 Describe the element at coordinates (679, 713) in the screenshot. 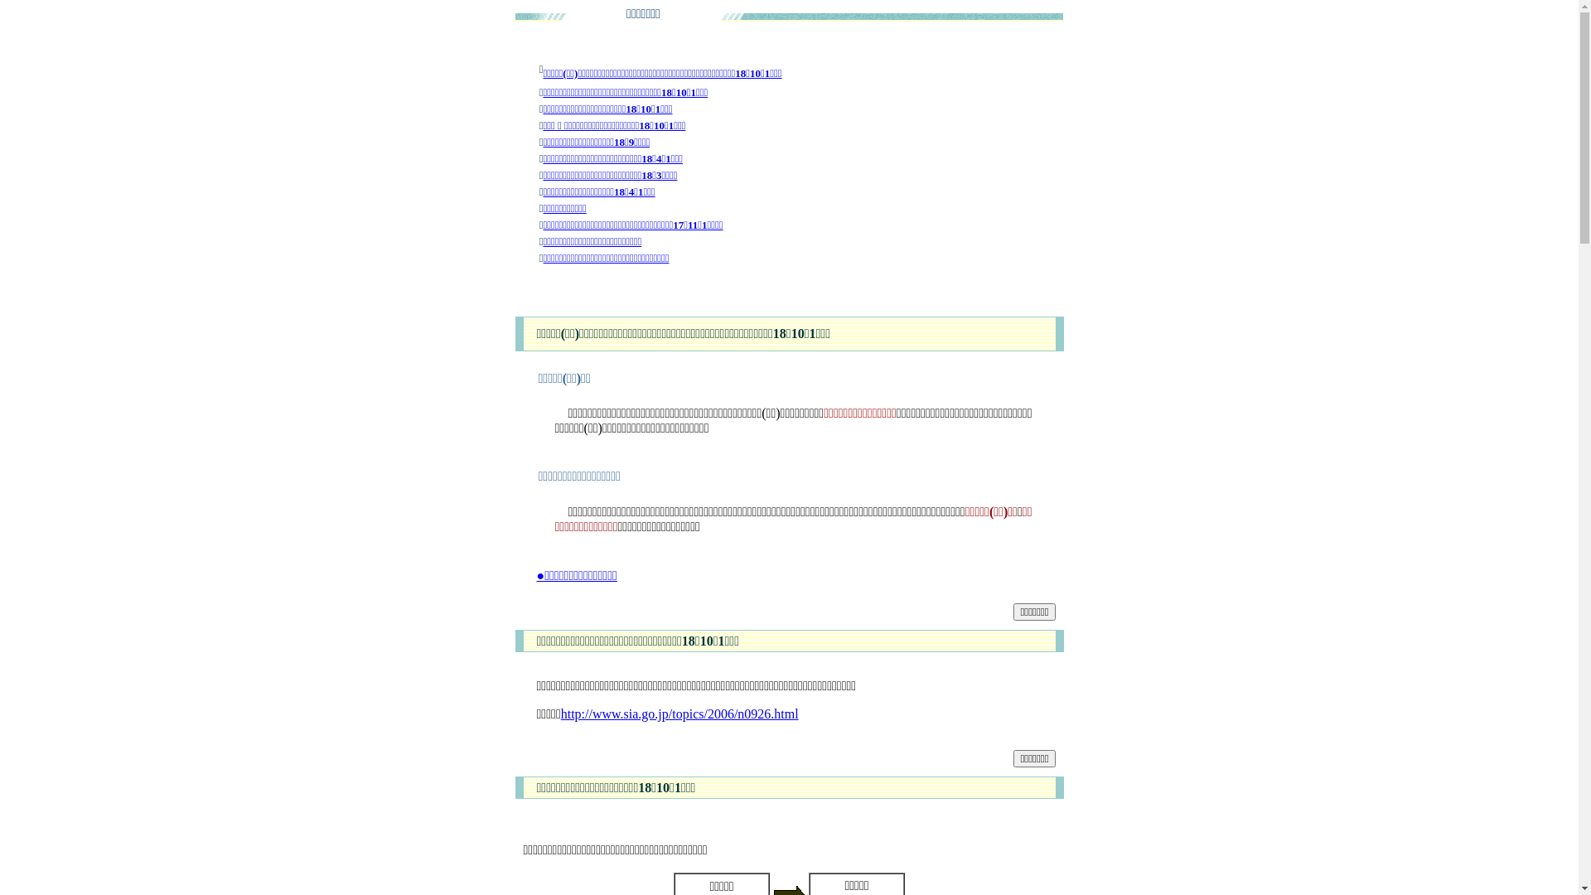

I see `'http://www.sia.go.jp/topics/2006/n0926.html'` at that location.